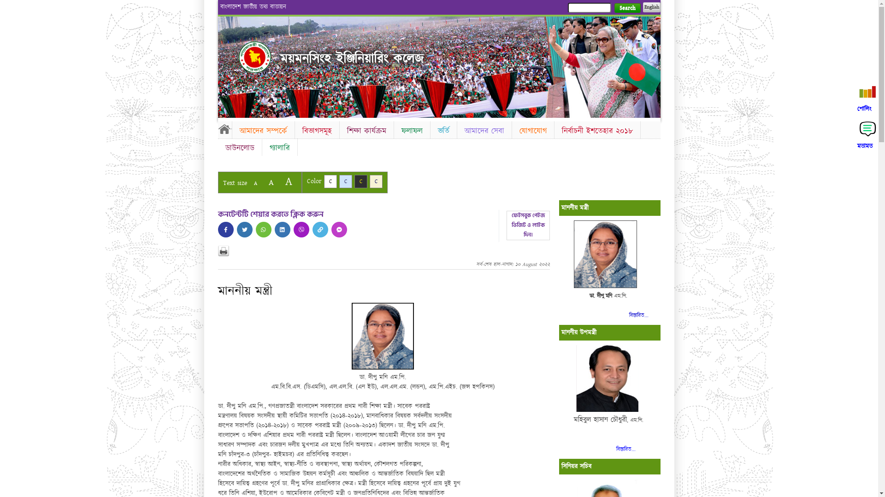 The image size is (885, 497). What do you see at coordinates (345, 181) in the screenshot?
I see `'C'` at bounding box center [345, 181].